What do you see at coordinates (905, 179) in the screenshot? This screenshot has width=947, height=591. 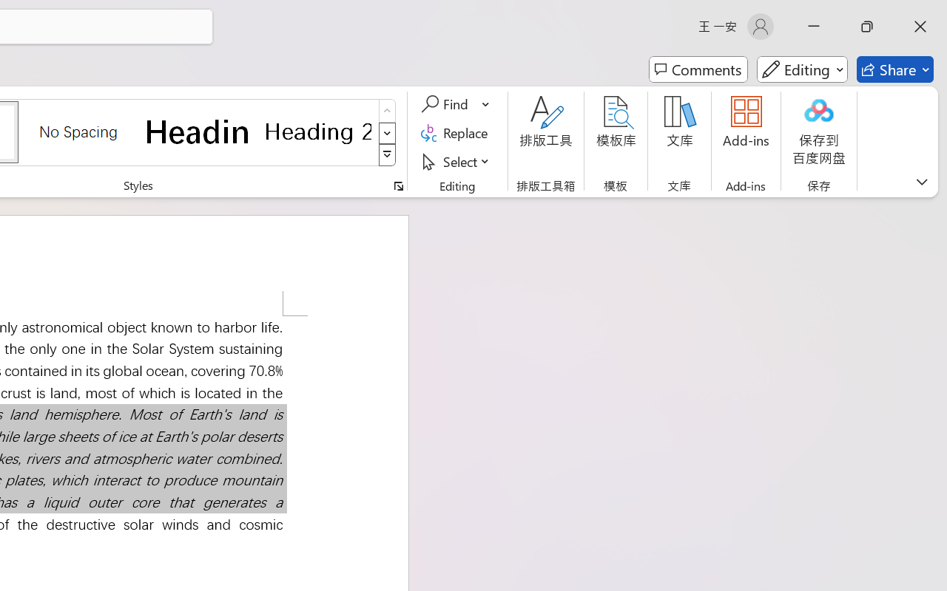 I see `'Task Pane Options'` at bounding box center [905, 179].